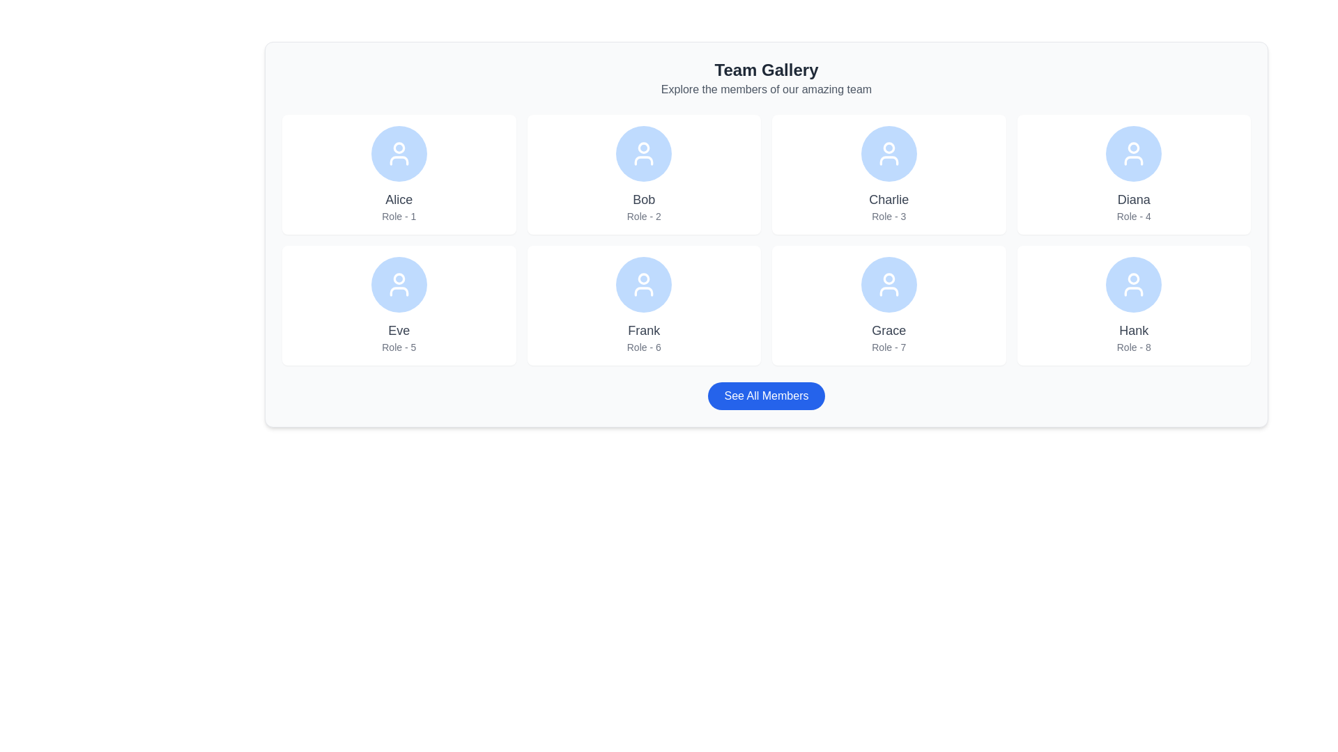 The height and width of the screenshot is (752, 1338). Describe the element at coordinates (1134, 279) in the screenshot. I see `the inner circular graphical component of the user profile icon for 'Hank' in the second row and last column of the grid layout` at that location.